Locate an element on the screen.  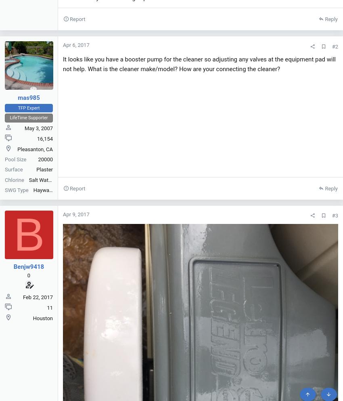
'Apr 9, 2017' is located at coordinates (63, 213).